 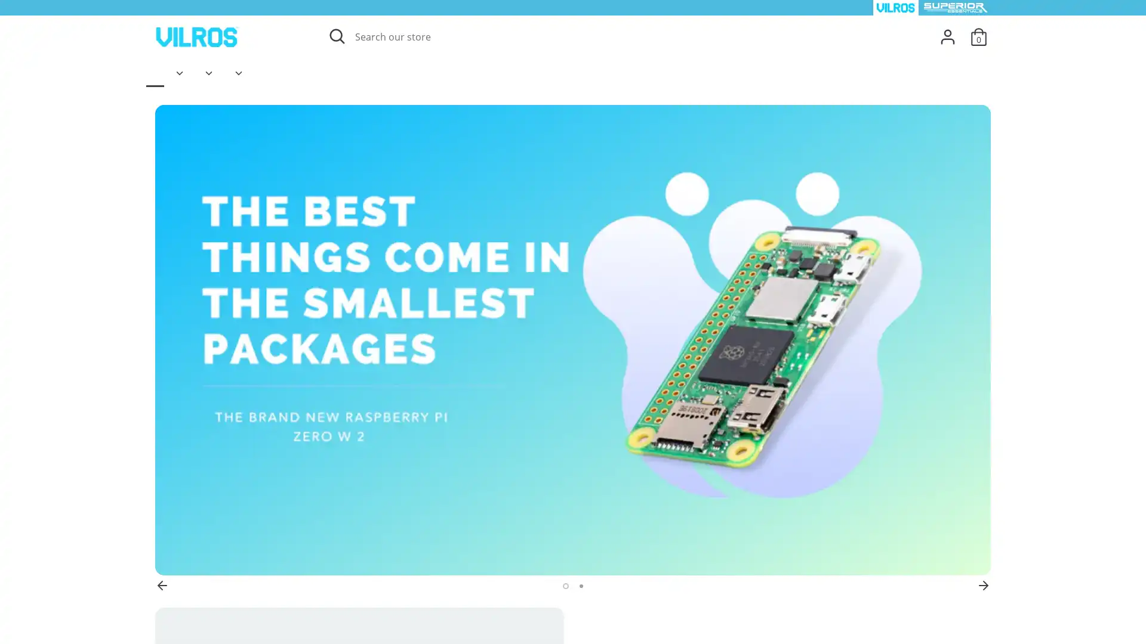 What do you see at coordinates (580, 586) in the screenshot?
I see `2` at bounding box center [580, 586].